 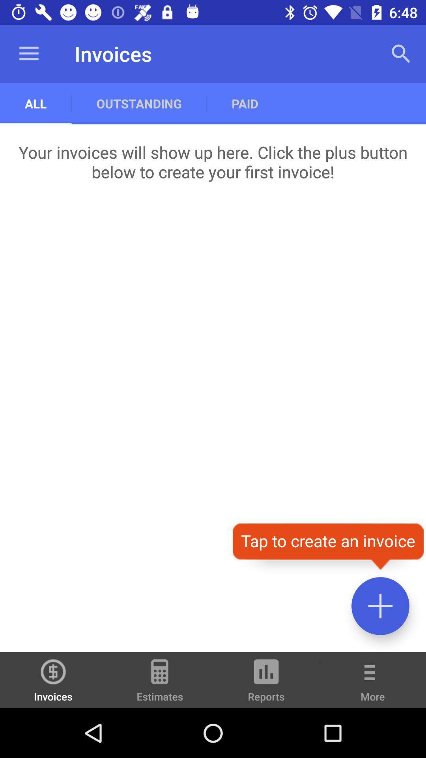 I want to click on reports item, so click(x=266, y=683).